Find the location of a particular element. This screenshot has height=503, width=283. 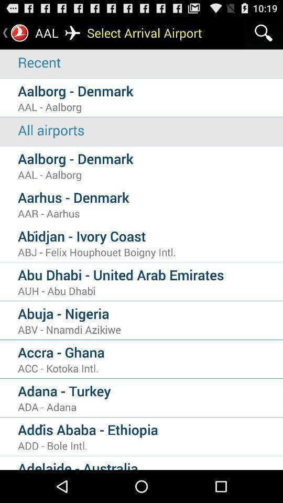

the aar - aarhus item is located at coordinates (150, 213).